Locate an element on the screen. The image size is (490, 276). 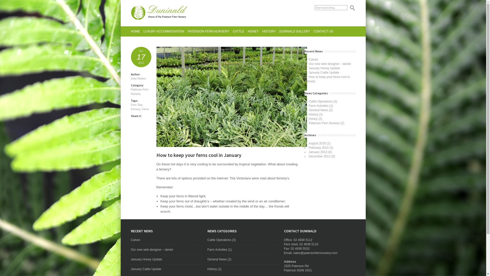
'February 2013' is located at coordinates (318, 148).